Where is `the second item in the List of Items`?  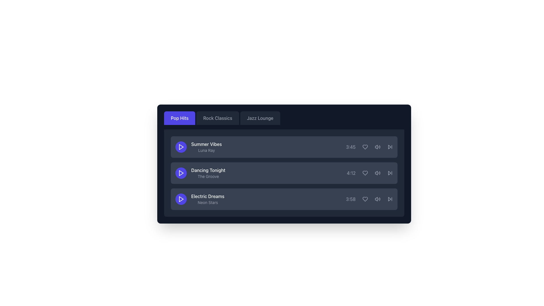
the second item in the List of Items is located at coordinates (284, 173).